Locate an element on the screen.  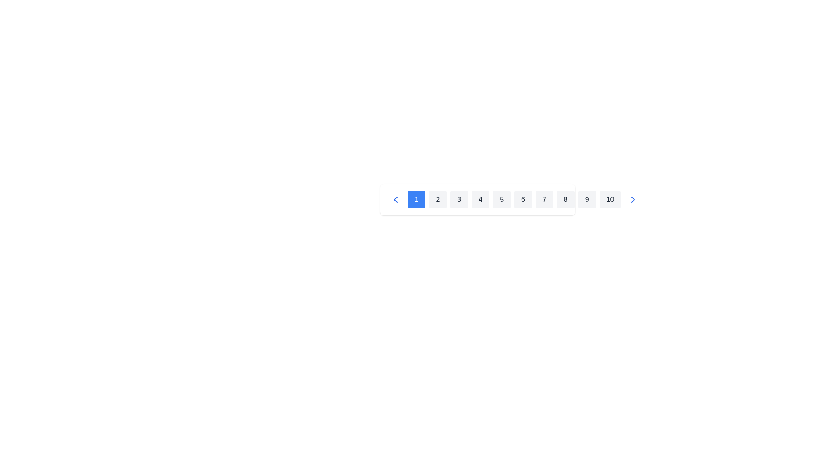
the pagination button labeled '2', which is a rectangular button with rounded corners and a light gray background is located at coordinates (438, 200).